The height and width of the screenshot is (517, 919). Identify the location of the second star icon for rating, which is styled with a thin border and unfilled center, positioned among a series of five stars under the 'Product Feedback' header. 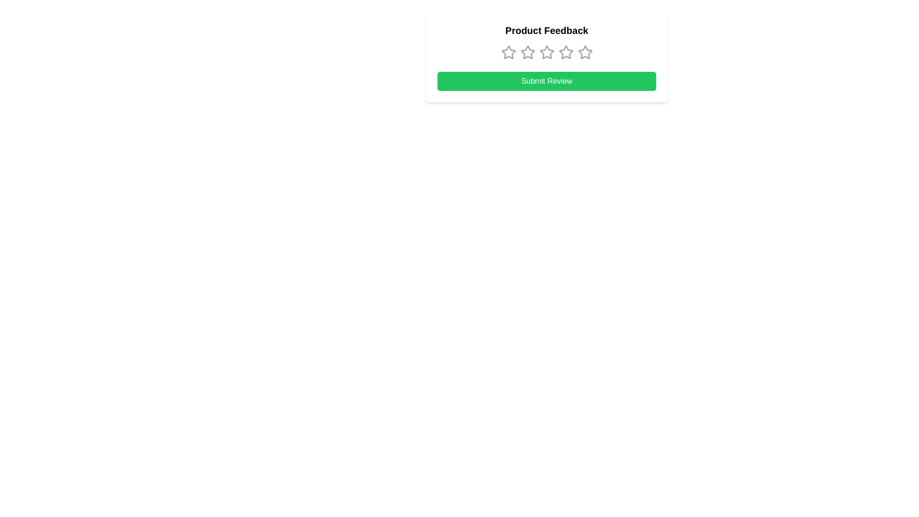
(527, 52).